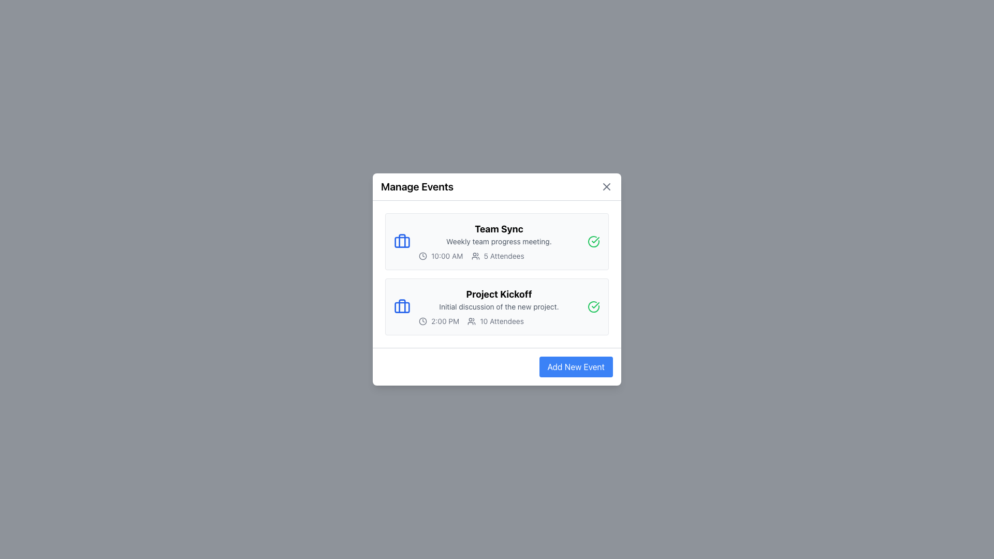  What do you see at coordinates (499, 321) in the screenshot?
I see `the time and attendees information layout element, which includes a clock icon showing '2:00 PM' and a user icon showing '10 Attendees', located within the 'Project Kickoff' section of the 'Manage Events' card` at bounding box center [499, 321].